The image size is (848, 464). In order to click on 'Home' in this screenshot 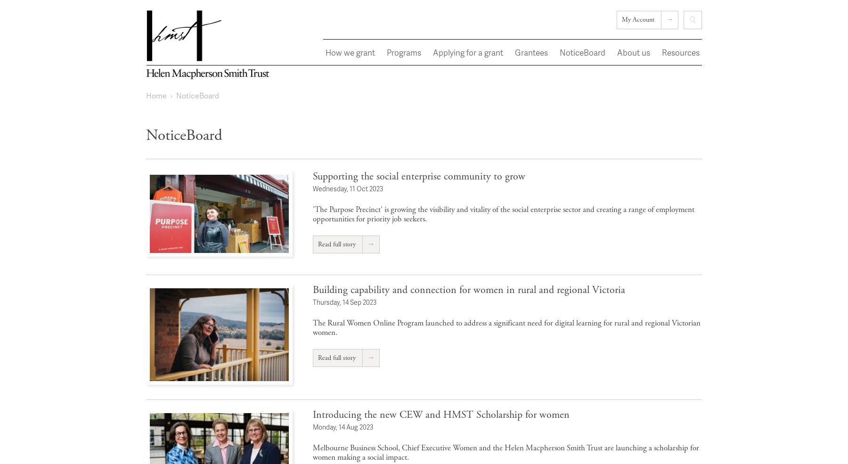, I will do `click(155, 95)`.